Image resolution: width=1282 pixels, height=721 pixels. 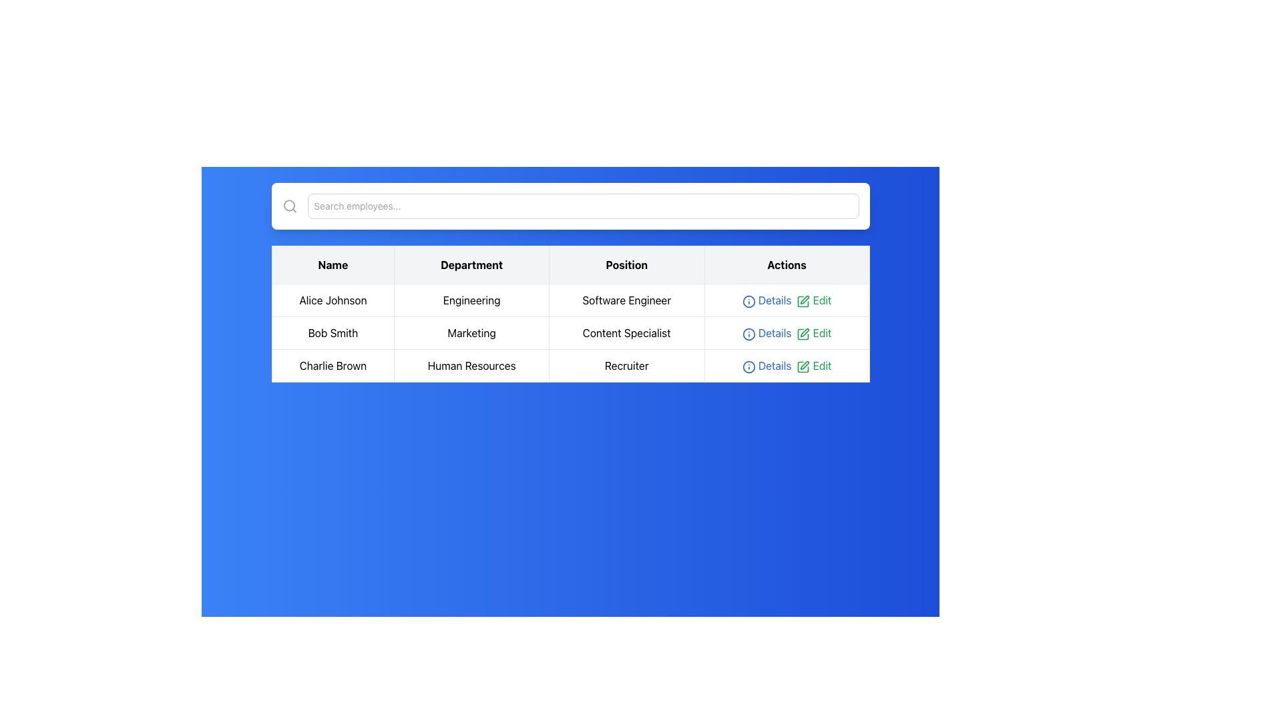 I want to click on the Text Label displaying the job title in the 'Position' column of the table for the 'Engineering' department, so click(x=626, y=300).